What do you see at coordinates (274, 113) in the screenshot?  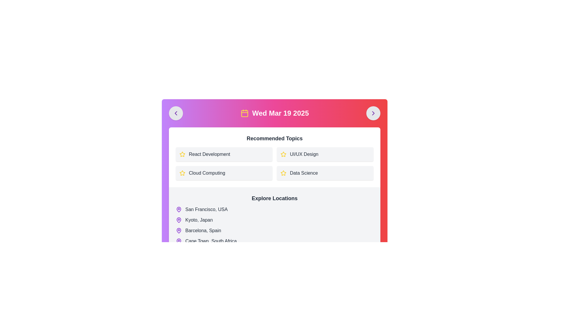 I see `the Informational Label that displays the current date or title information, located above the 'Recommended Topics' area` at bounding box center [274, 113].